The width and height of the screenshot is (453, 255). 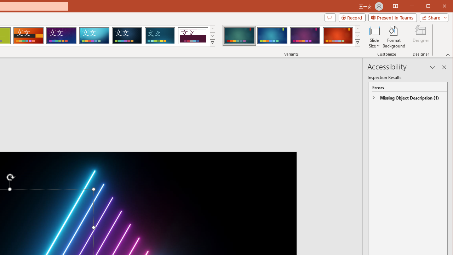 What do you see at coordinates (438, 7) in the screenshot?
I see `'Maximize'` at bounding box center [438, 7].